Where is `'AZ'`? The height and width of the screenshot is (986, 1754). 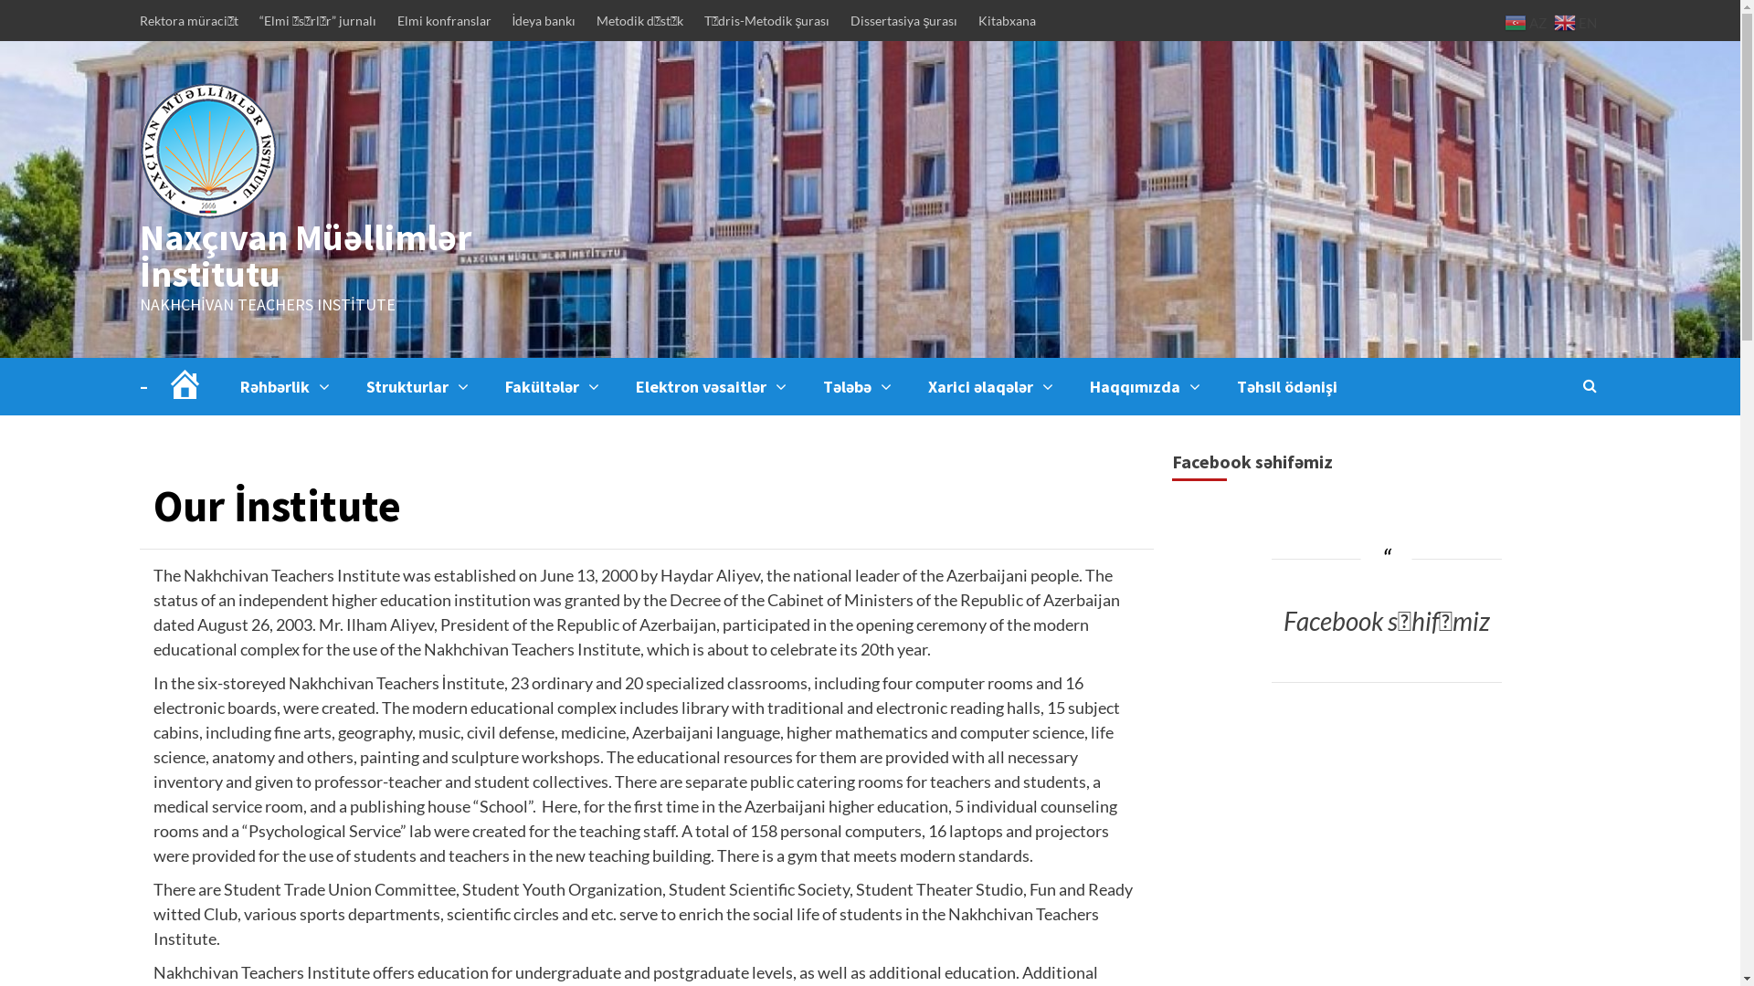 'AZ' is located at coordinates (1504, 21).